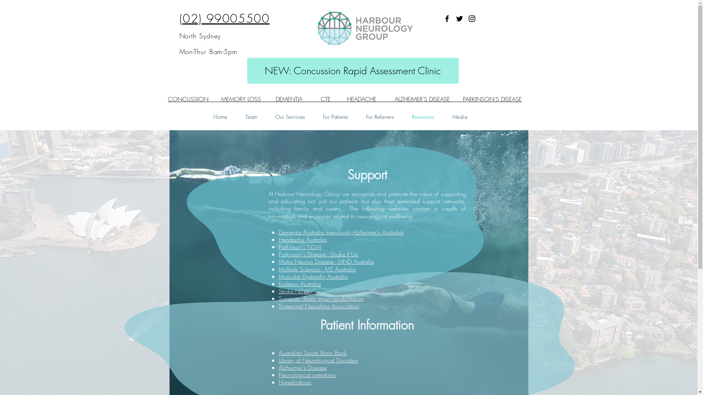 This screenshot has height=395, width=703. Describe the element at coordinates (224, 18) in the screenshot. I see `'(02) 99005500'` at that location.